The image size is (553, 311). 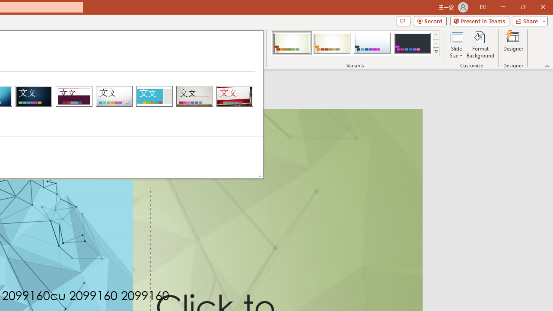 What do you see at coordinates (436, 52) in the screenshot?
I see `'Variants'` at bounding box center [436, 52].